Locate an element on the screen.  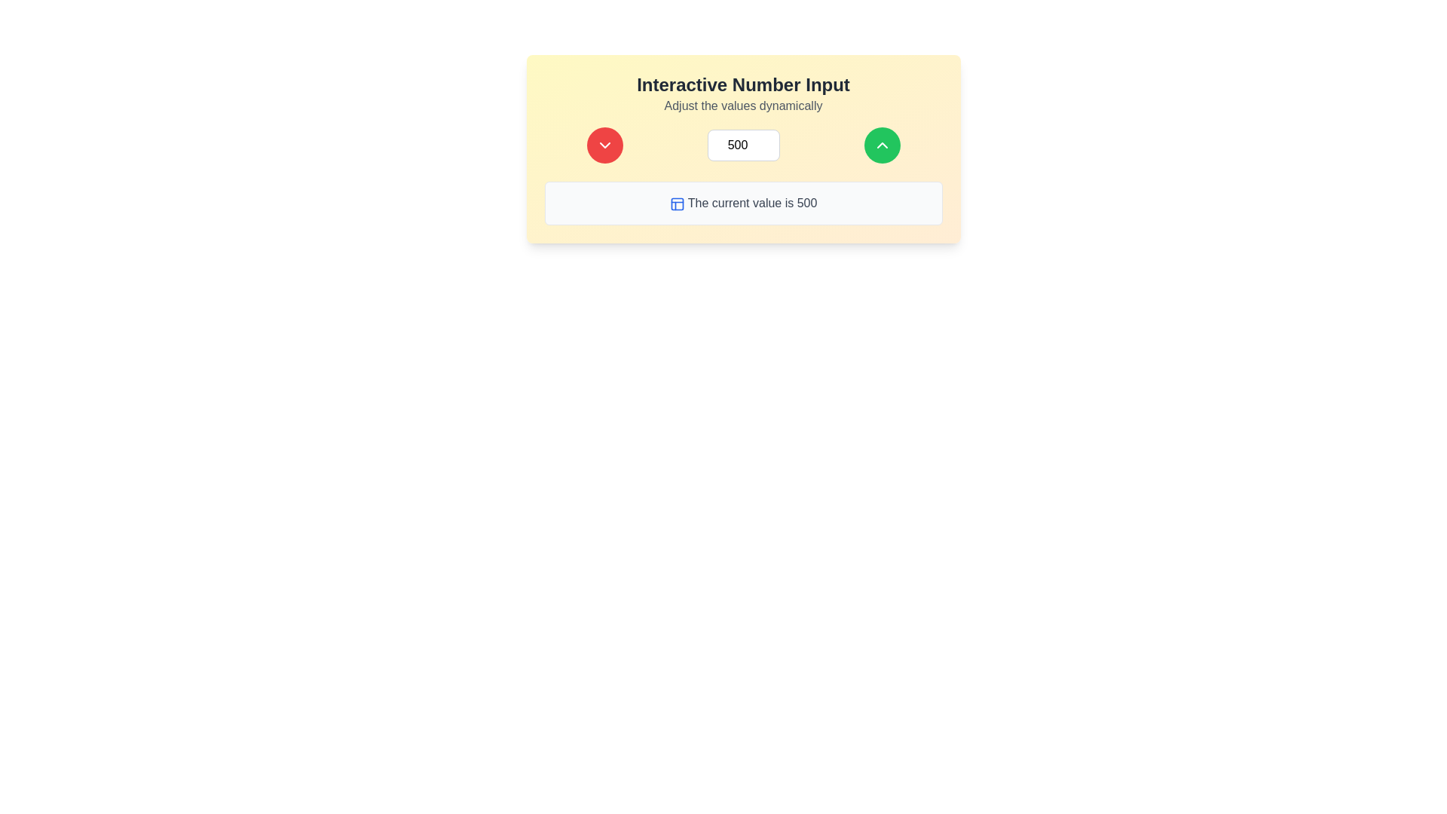
the chevron-down SVG icon located within the circular button with a red background, positioned in the top-left corner of the interactive number input header section is located at coordinates (604, 145).